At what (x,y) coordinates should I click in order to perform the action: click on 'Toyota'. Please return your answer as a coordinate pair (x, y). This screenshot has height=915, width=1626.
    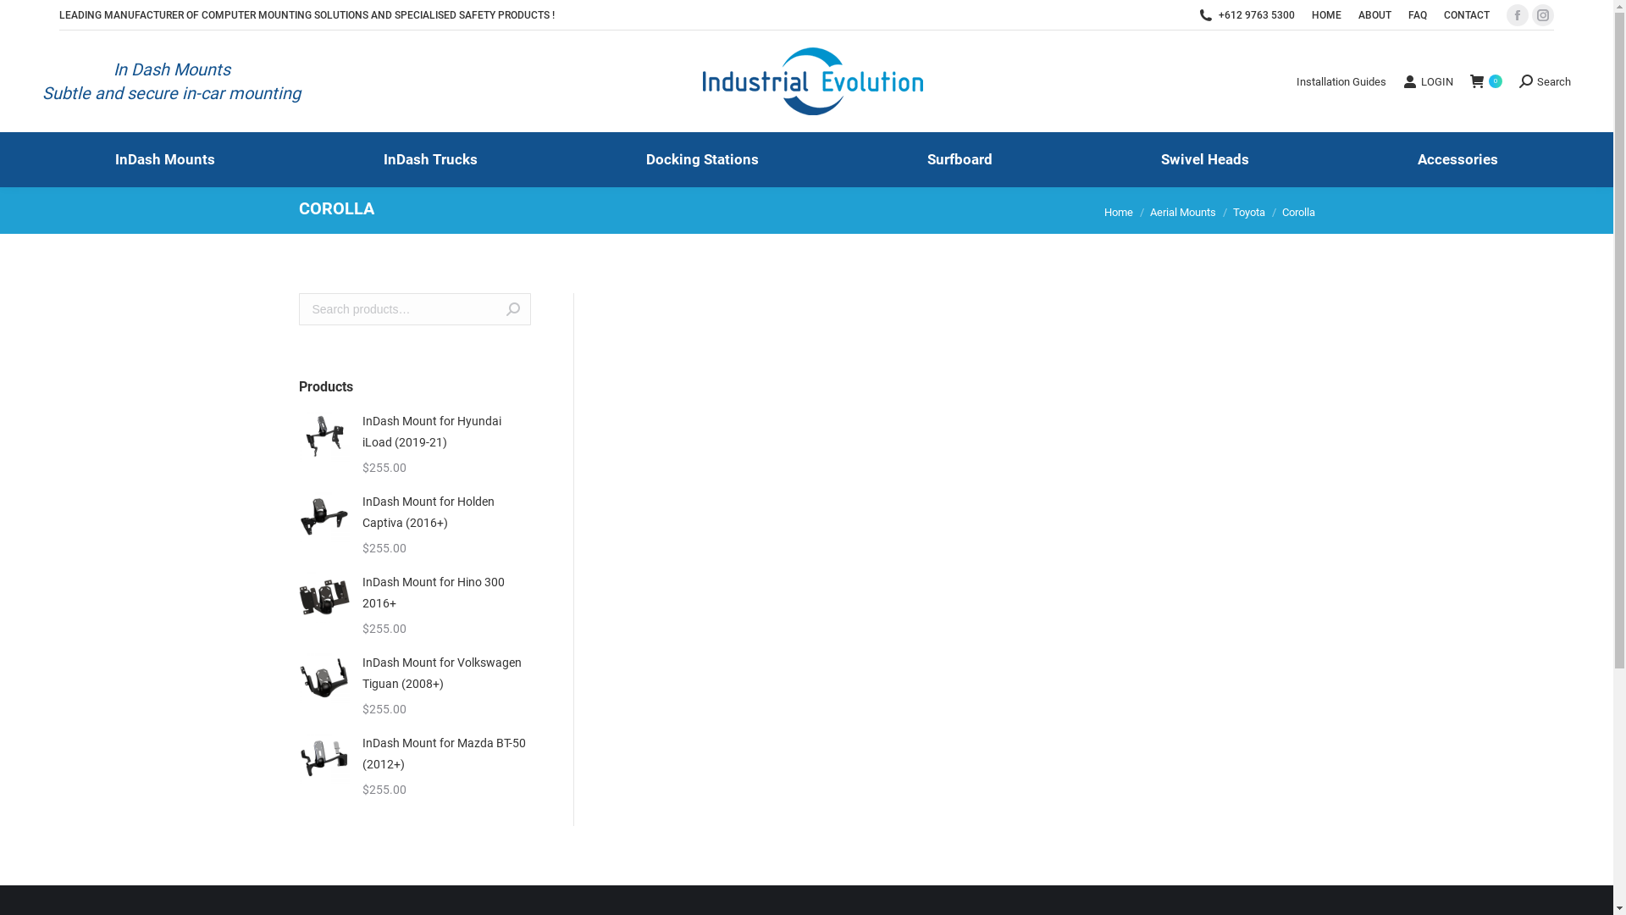
    Looking at the image, I should click on (1248, 210).